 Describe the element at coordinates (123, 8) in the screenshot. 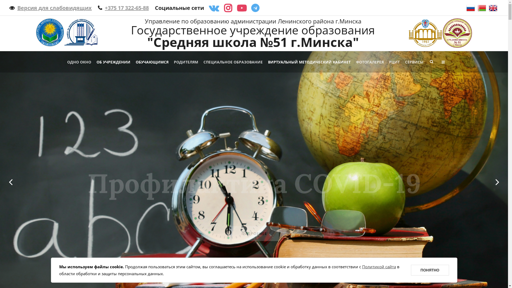

I see `'+375 17 322-65-88'` at that location.